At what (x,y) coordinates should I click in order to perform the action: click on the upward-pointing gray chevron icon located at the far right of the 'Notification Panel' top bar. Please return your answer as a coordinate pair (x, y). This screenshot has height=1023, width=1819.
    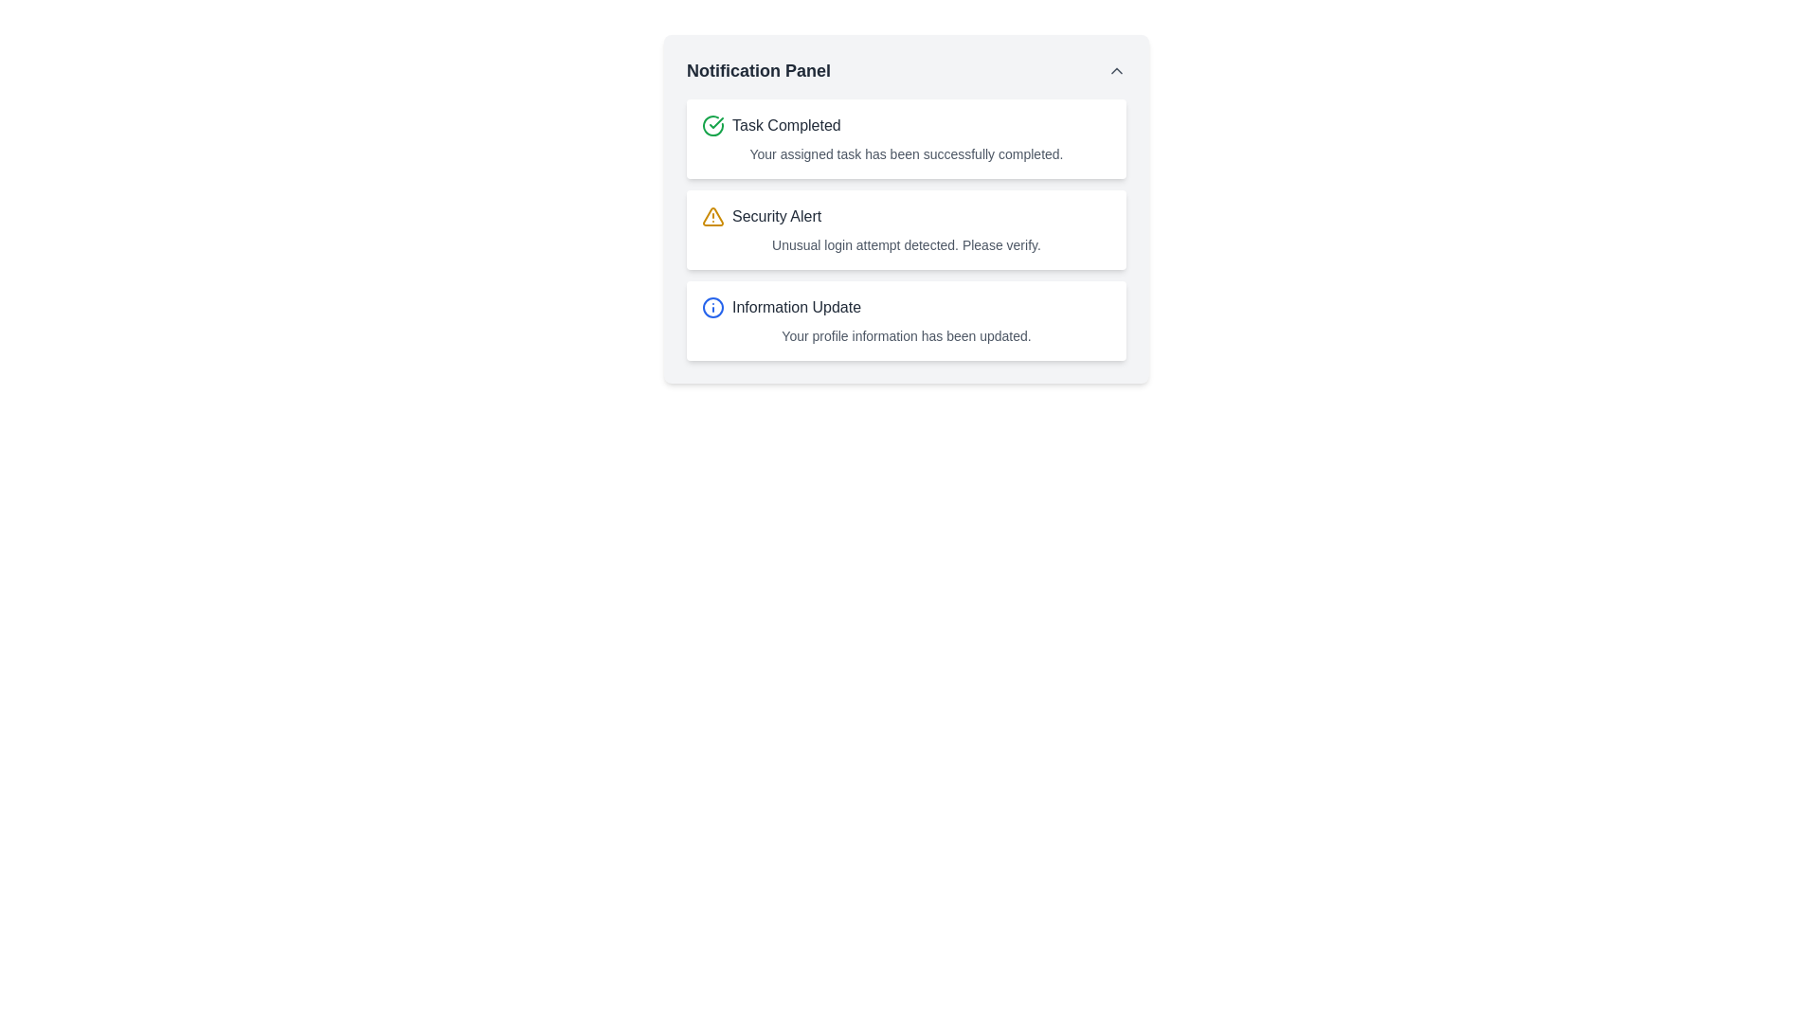
    Looking at the image, I should click on (1117, 69).